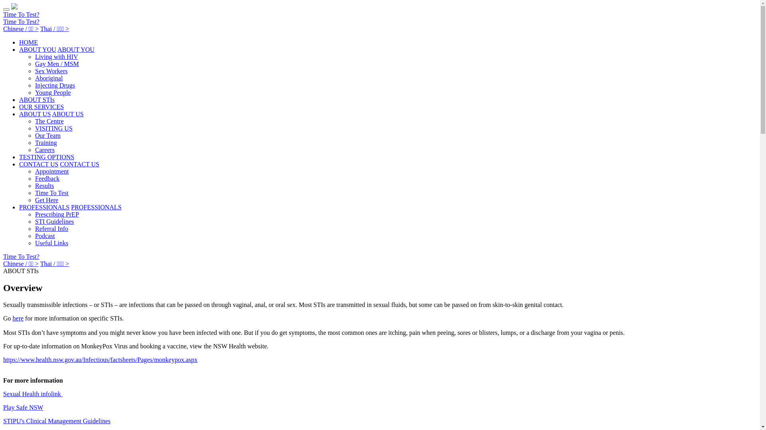 This screenshot has width=766, height=430. Describe the element at coordinates (28, 42) in the screenshot. I see `'HOME'` at that location.